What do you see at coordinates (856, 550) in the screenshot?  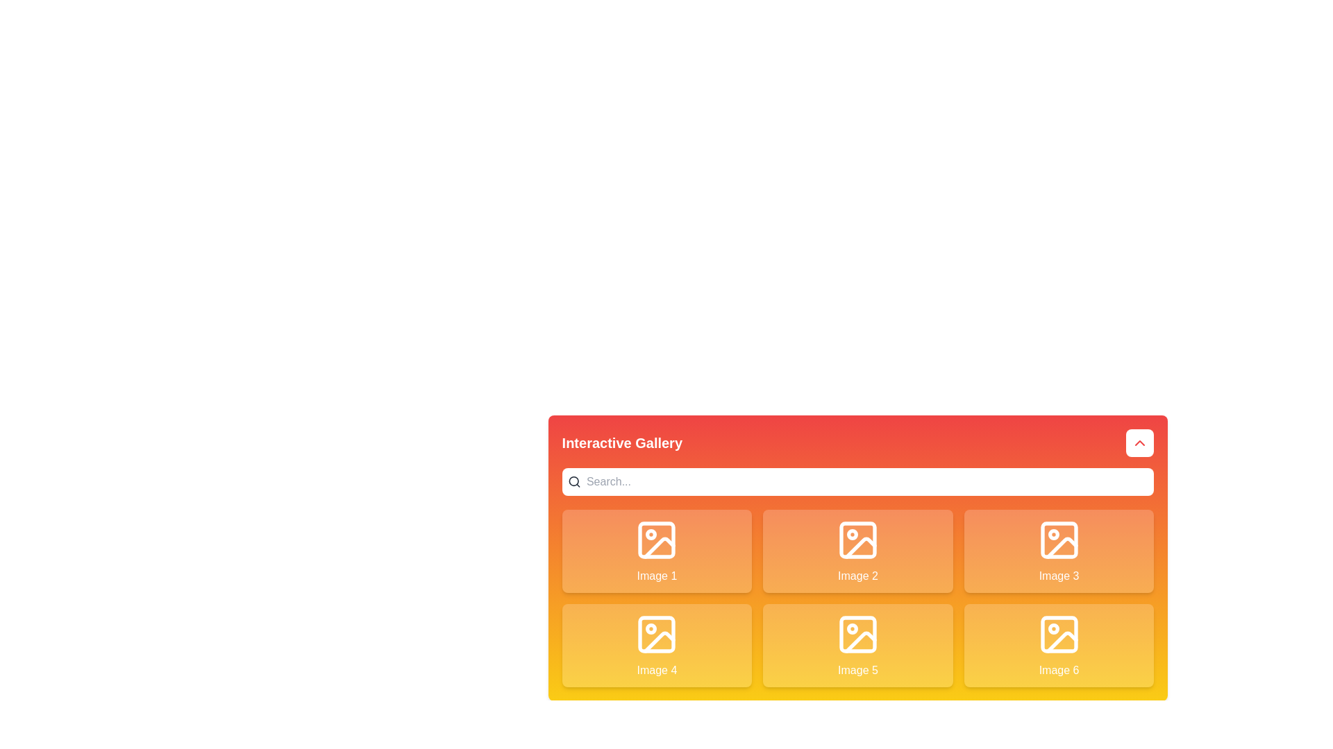 I see `the display area or button for the image labeled 'Image 2'` at bounding box center [856, 550].